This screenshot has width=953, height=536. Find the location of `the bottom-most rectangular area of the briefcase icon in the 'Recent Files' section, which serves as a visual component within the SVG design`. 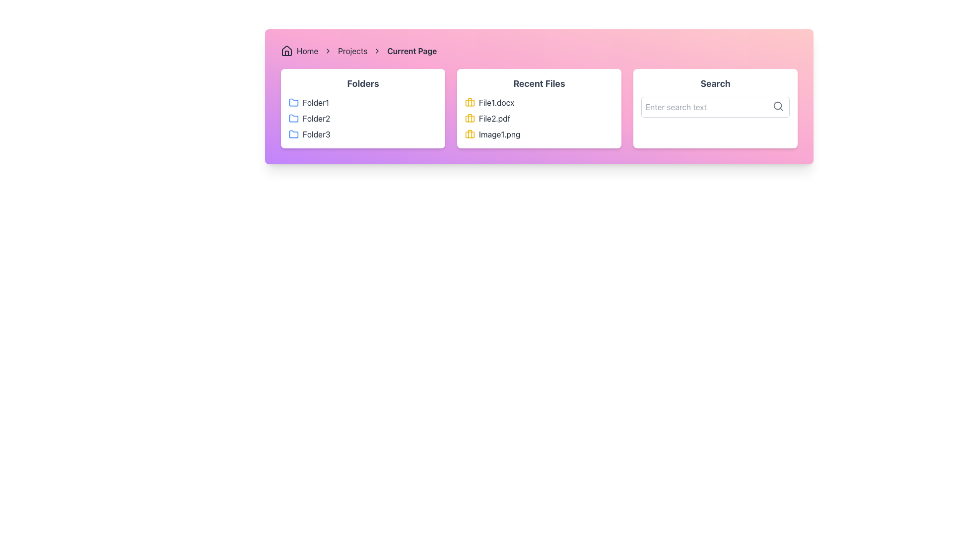

the bottom-most rectangular area of the briefcase icon in the 'Recent Files' section, which serves as a visual component within the SVG design is located at coordinates (469, 134).